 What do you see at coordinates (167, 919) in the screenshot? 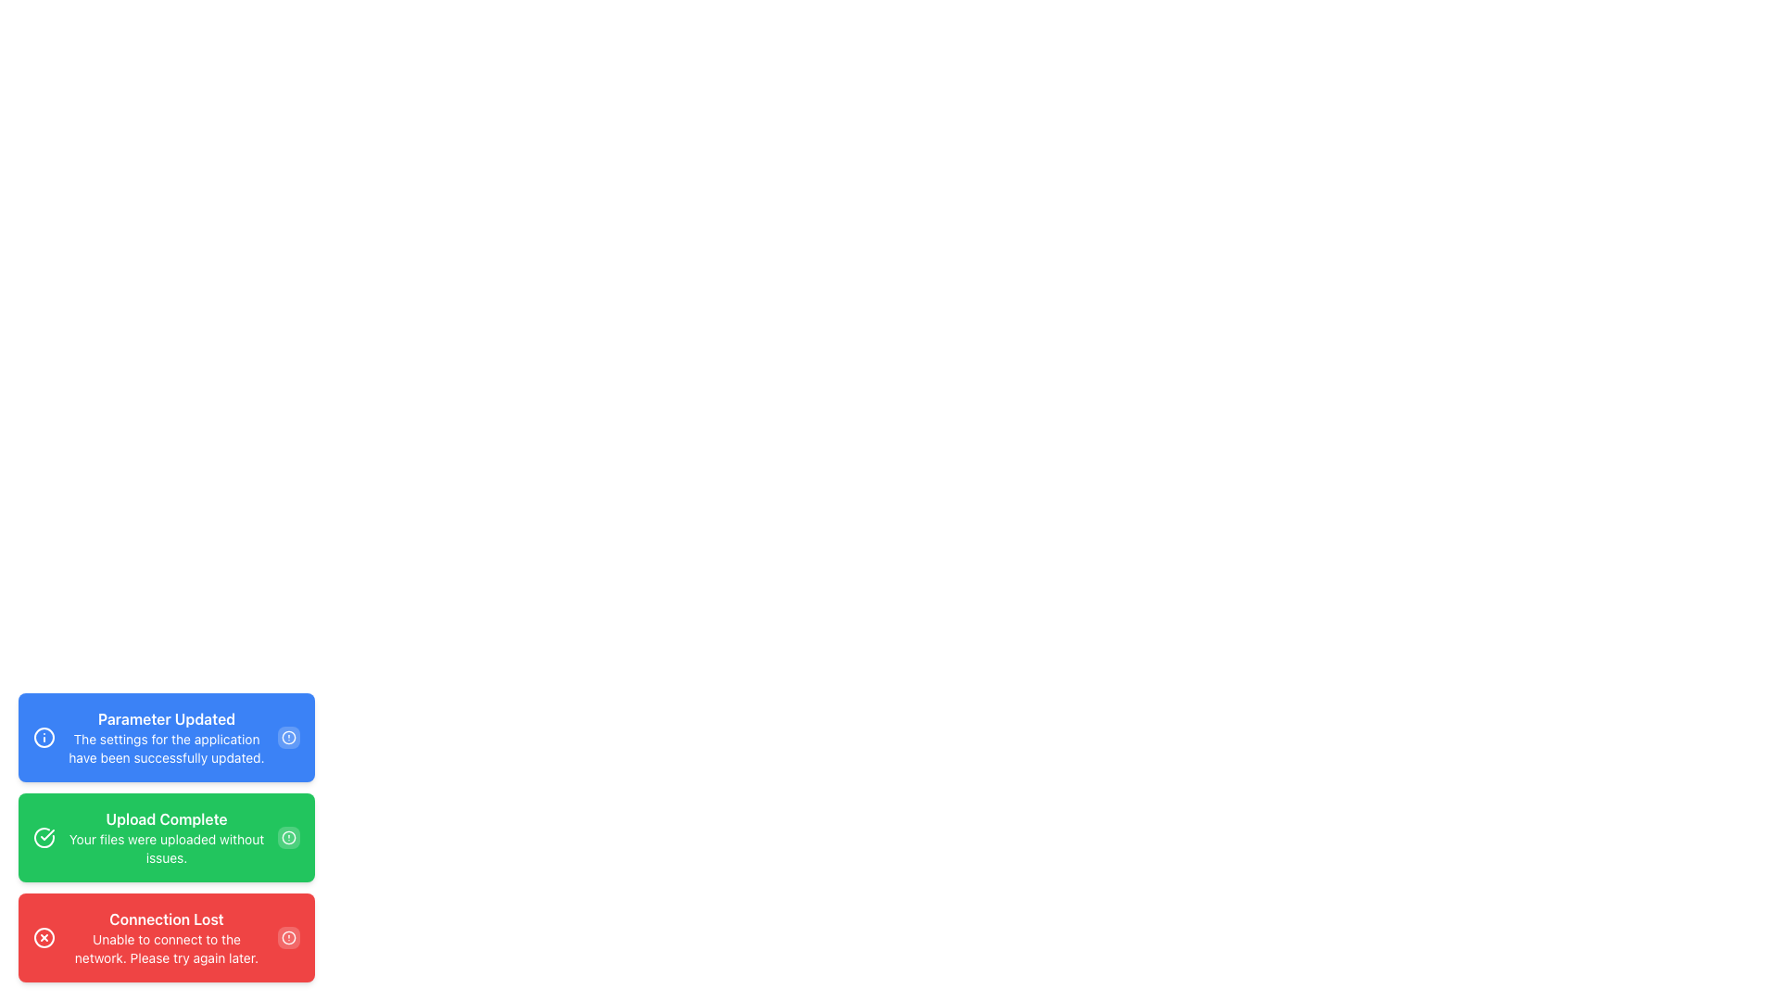
I see `text contained in the Text Label, which serves as a title for the notification about a lost connection, positioned above the subtitle in the third card of a vertical list` at bounding box center [167, 919].